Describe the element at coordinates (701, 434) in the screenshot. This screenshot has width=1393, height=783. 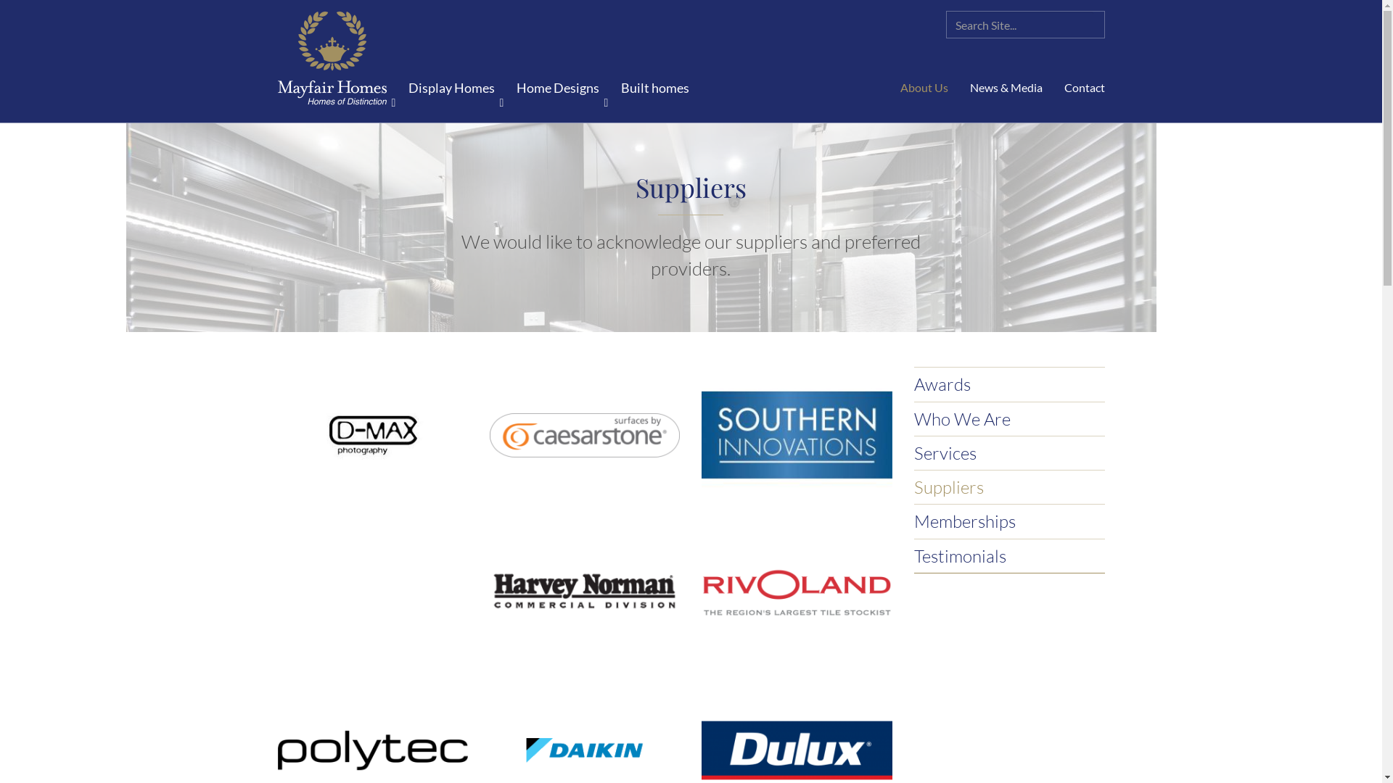
I see `'Southern Innovations'` at that location.